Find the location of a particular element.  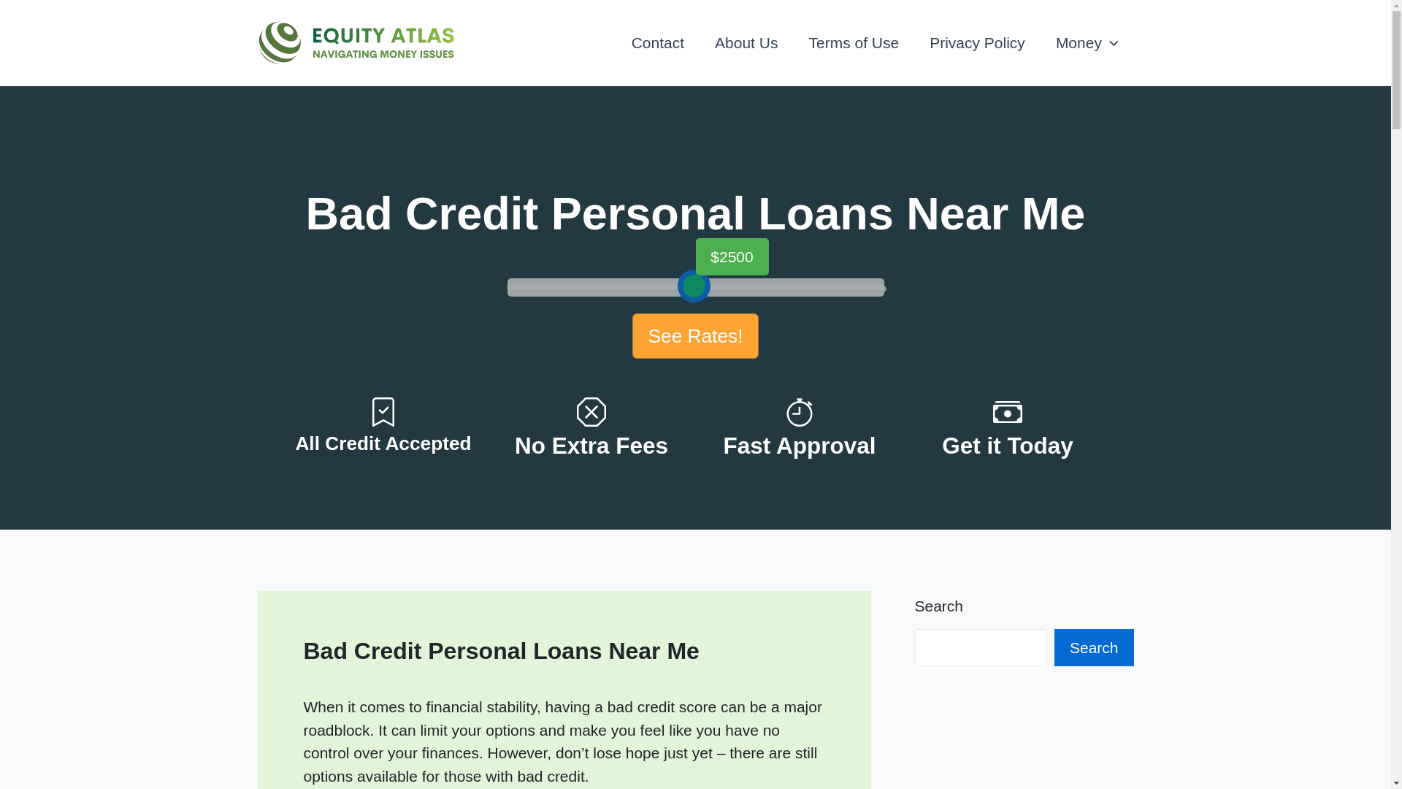

'See Rates!' is located at coordinates (695, 335).